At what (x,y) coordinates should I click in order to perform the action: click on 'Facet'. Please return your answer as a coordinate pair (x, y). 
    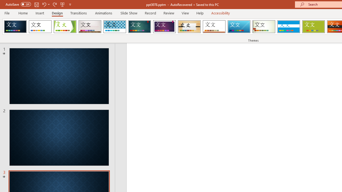
    Looking at the image, I should click on (65, 27).